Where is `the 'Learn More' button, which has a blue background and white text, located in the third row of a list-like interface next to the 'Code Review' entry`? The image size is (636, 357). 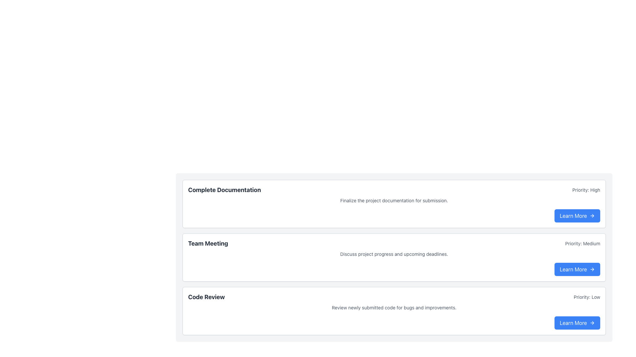 the 'Learn More' button, which has a blue background and white text, located in the third row of a list-like interface next to the 'Code Review' entry is located at coordinates (572, 269).